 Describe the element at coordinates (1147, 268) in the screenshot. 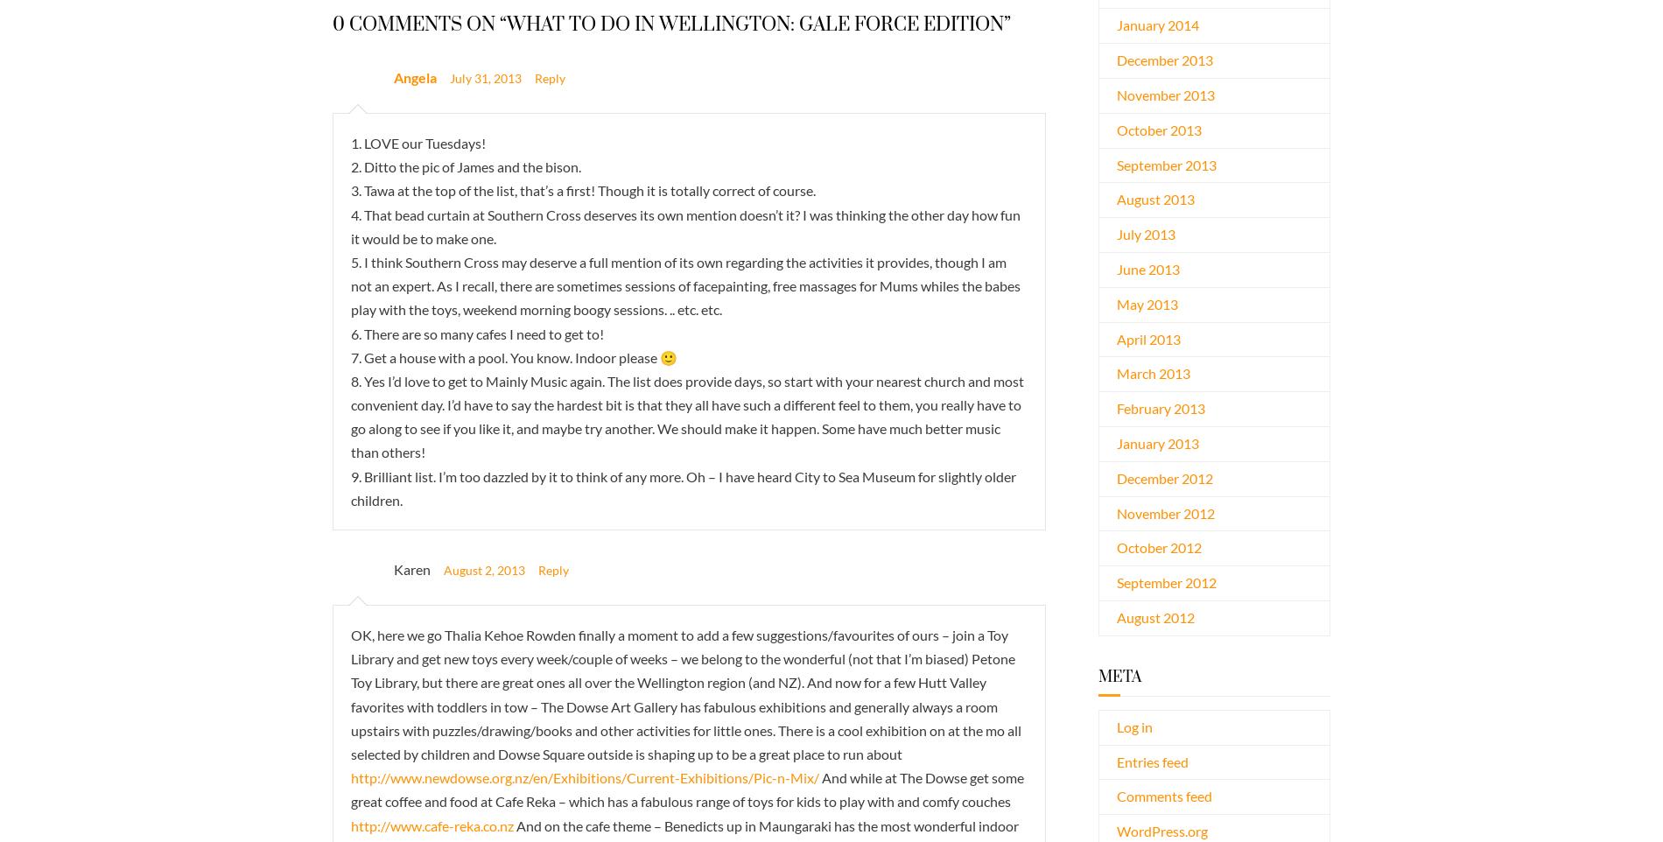

I see `'June 2013'` at that location.